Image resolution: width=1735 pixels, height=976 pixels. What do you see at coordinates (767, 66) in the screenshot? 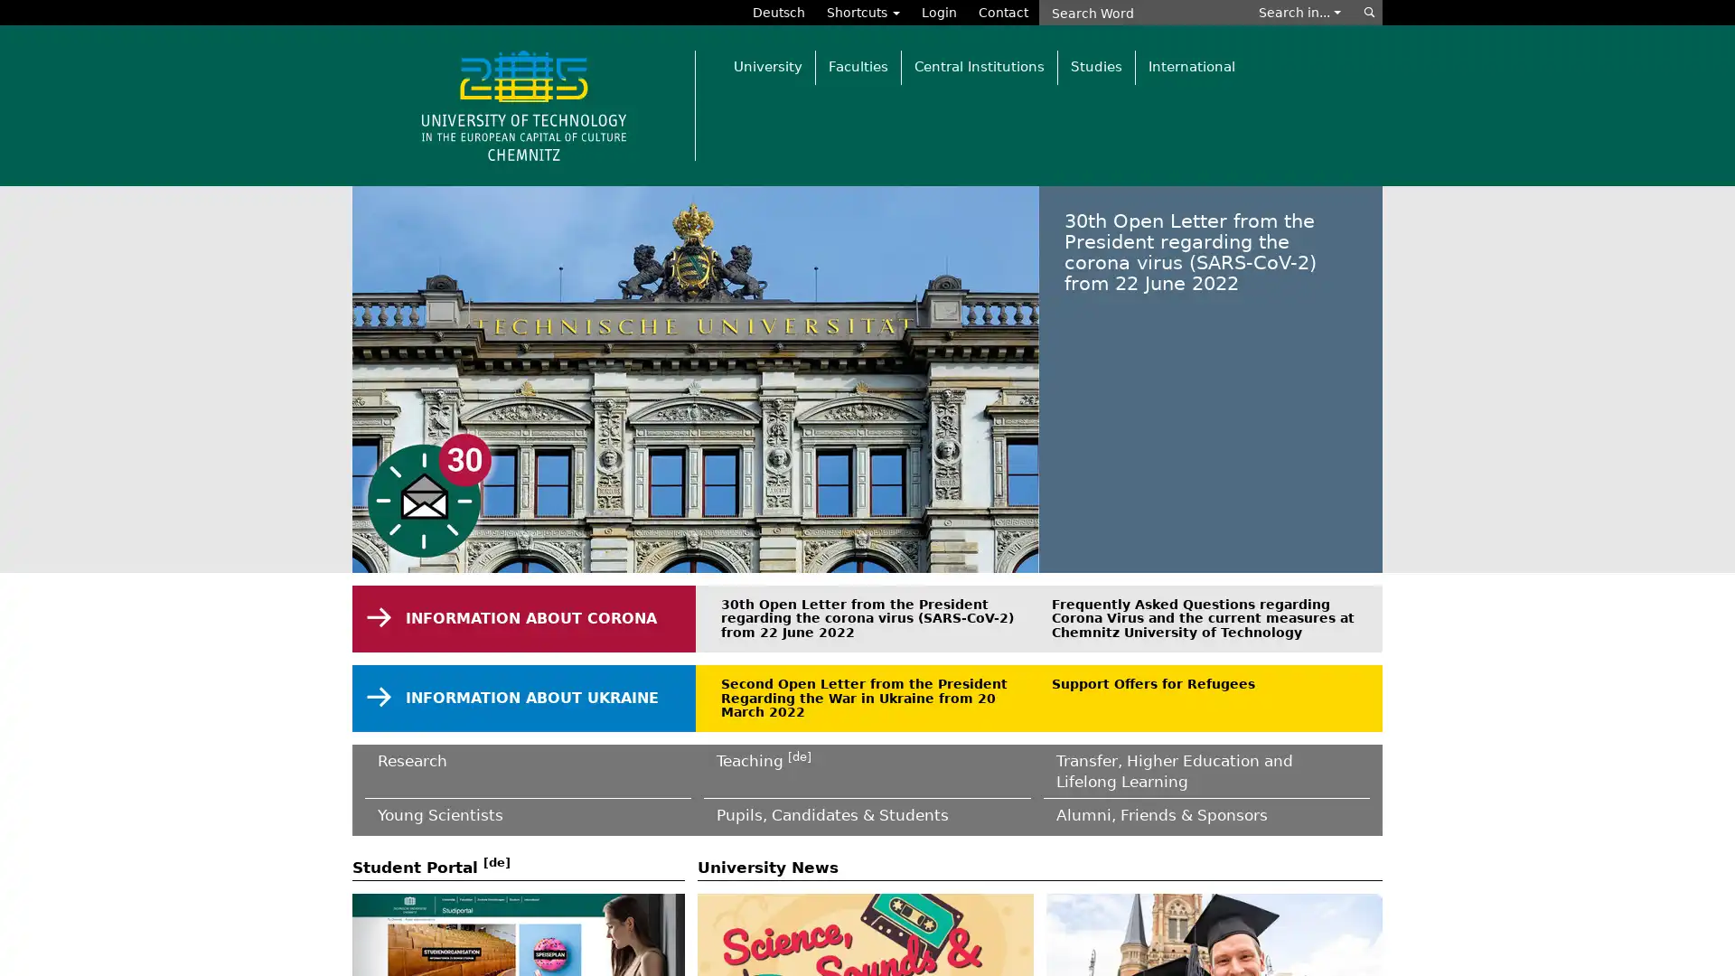
I see `University` at bounding box center [767, 66].